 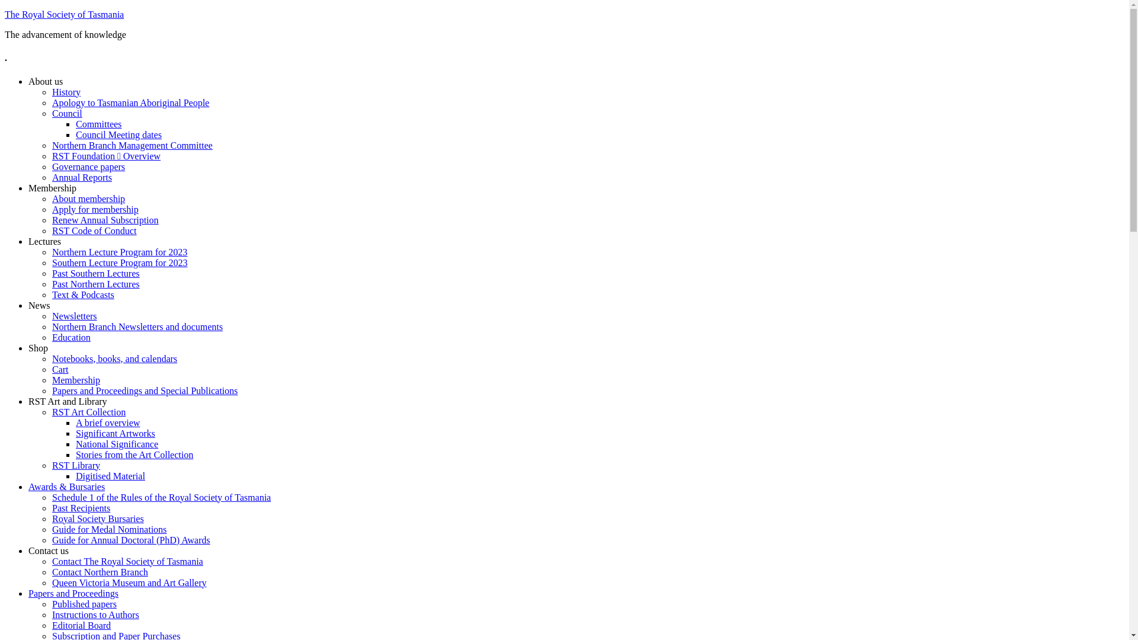 I want to click on 'Papers and Proceedings and Special Publications', so click(x=144, y=391).